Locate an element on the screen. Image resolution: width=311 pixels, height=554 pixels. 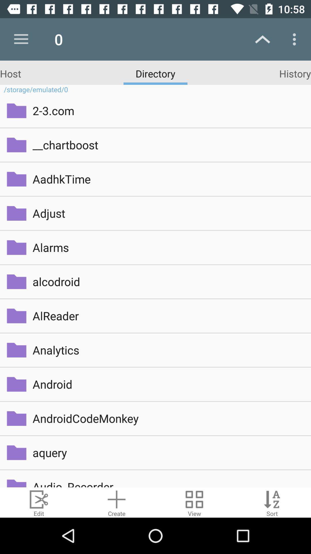
open sorting options is located at coordinates (272, 502).